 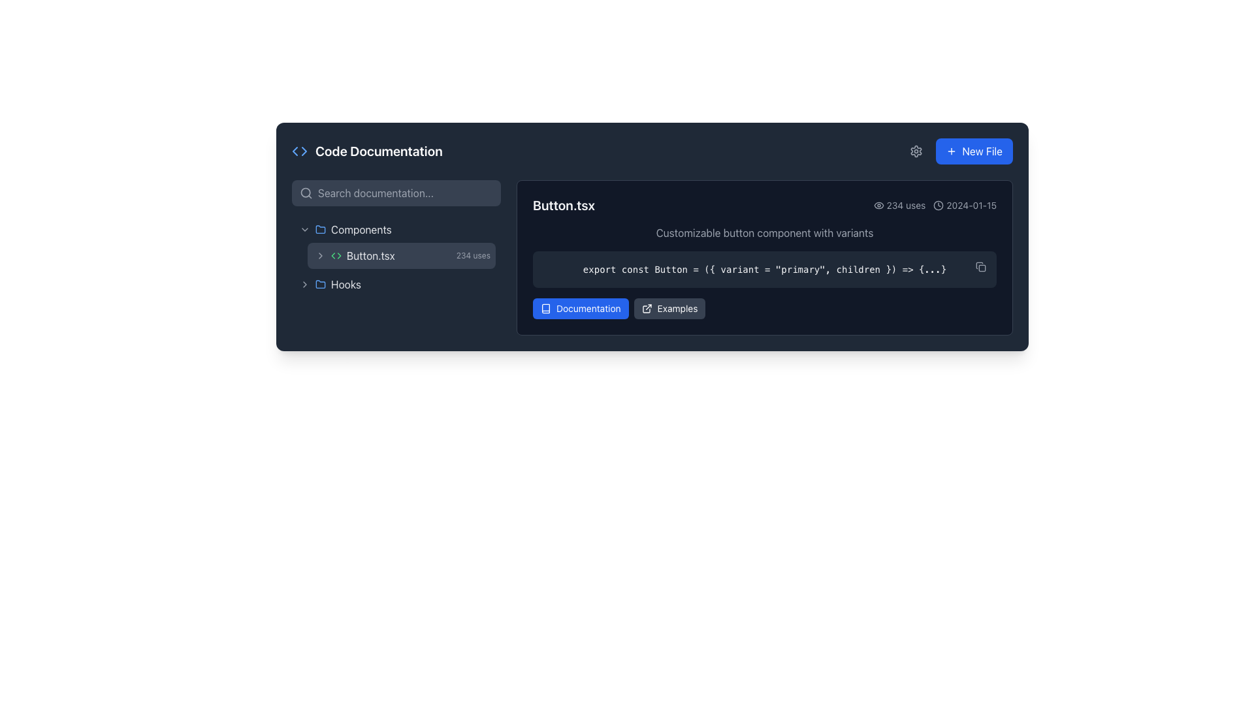 I want to click on the settings icon button located in the upper-right corner of the dark-themed interface to observe the visual change in the background, so click(x=916, y=150).